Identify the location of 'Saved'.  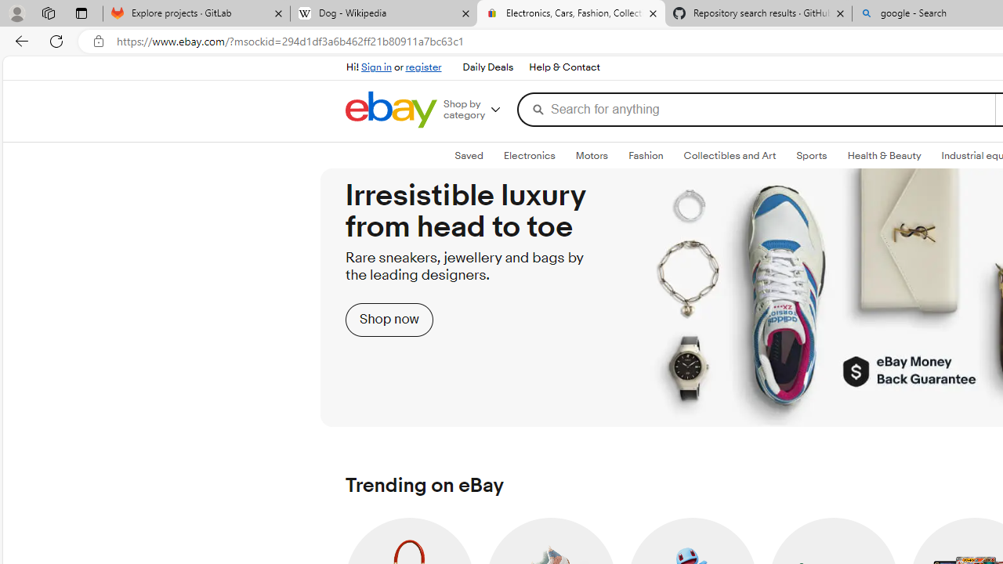
(468, 156).